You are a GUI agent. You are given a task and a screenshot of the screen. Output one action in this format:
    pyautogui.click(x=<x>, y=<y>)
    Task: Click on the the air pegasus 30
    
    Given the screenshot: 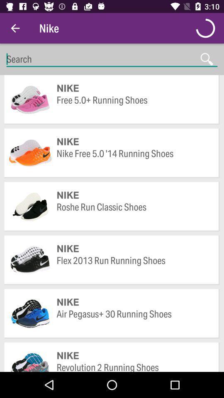 What is the action you would take?
    pyautogui.click(x=134, y=320)
    